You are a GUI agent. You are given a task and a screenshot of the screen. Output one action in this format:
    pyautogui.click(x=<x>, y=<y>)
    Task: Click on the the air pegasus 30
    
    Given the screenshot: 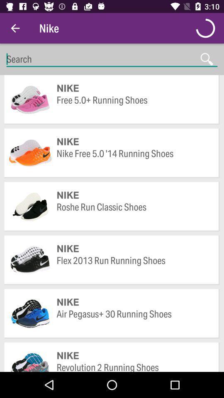 What is the action you would take?
    pyautogui.click(x=134, y=320)
    